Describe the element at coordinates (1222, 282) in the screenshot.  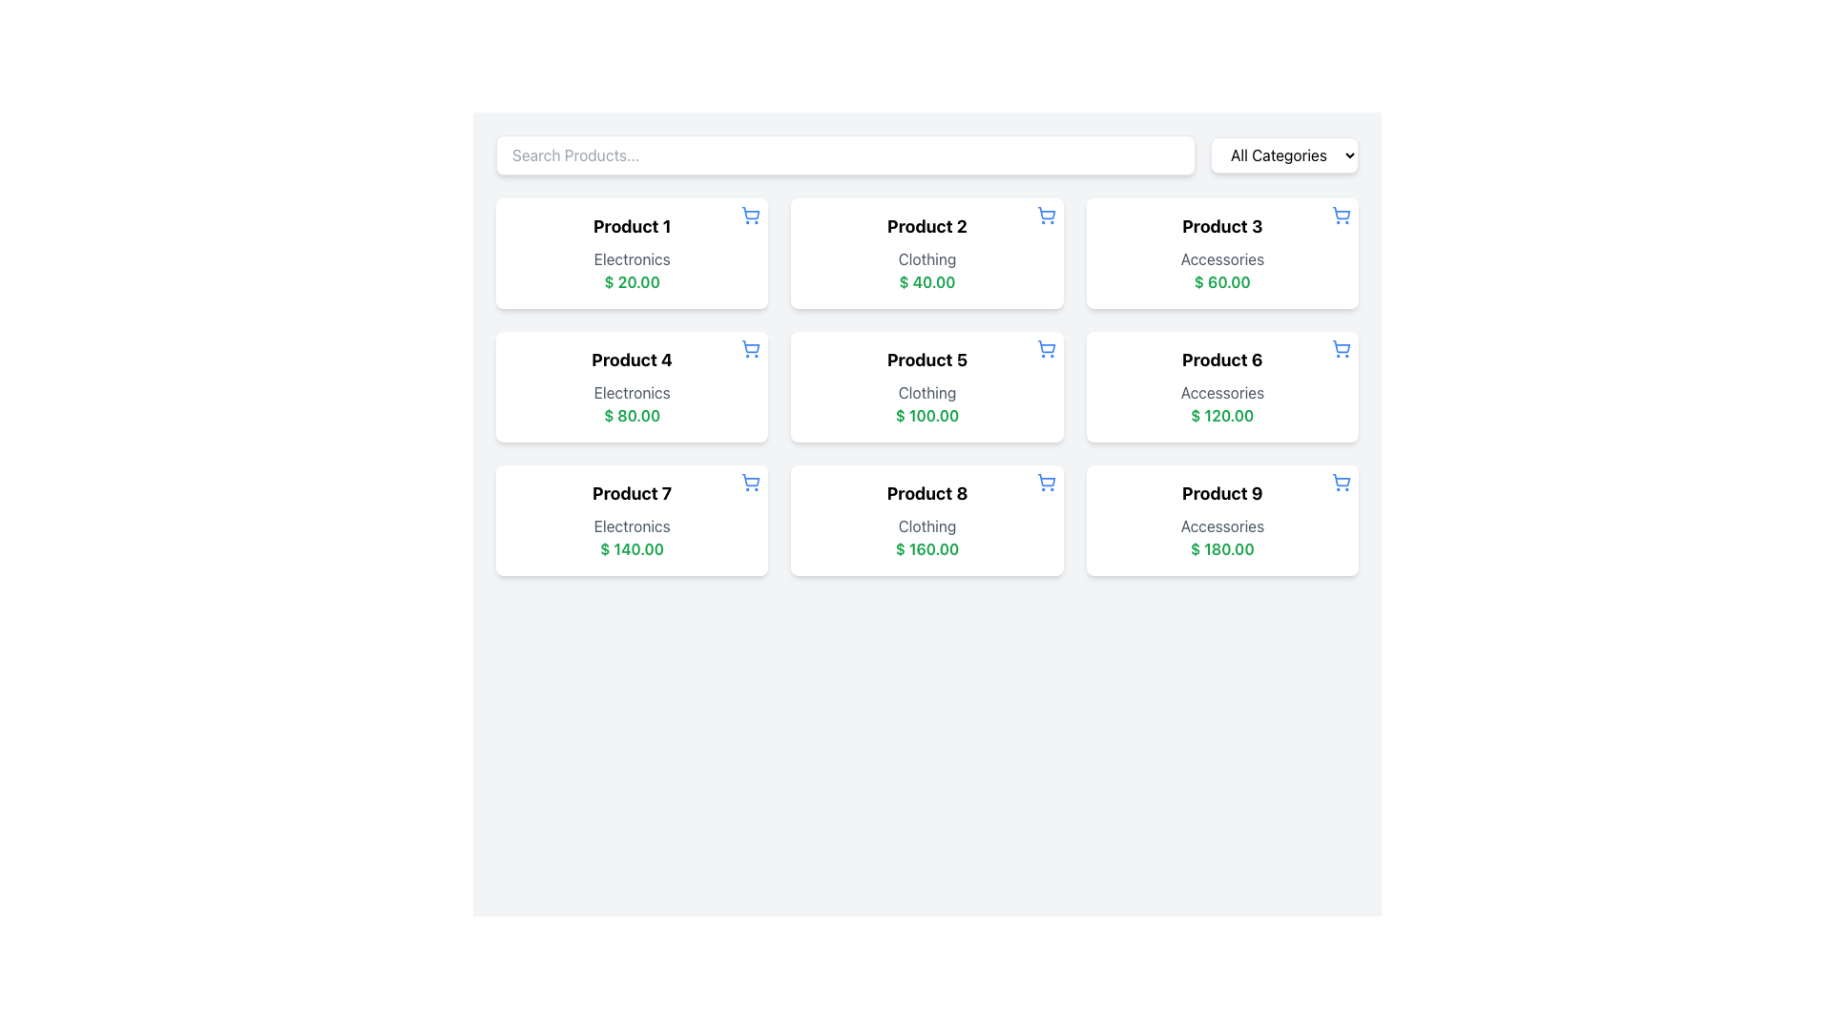
I see `the static text displaying the price of 'Product 3', which is positioned below the 'Accessories' label in the product card` at that location.